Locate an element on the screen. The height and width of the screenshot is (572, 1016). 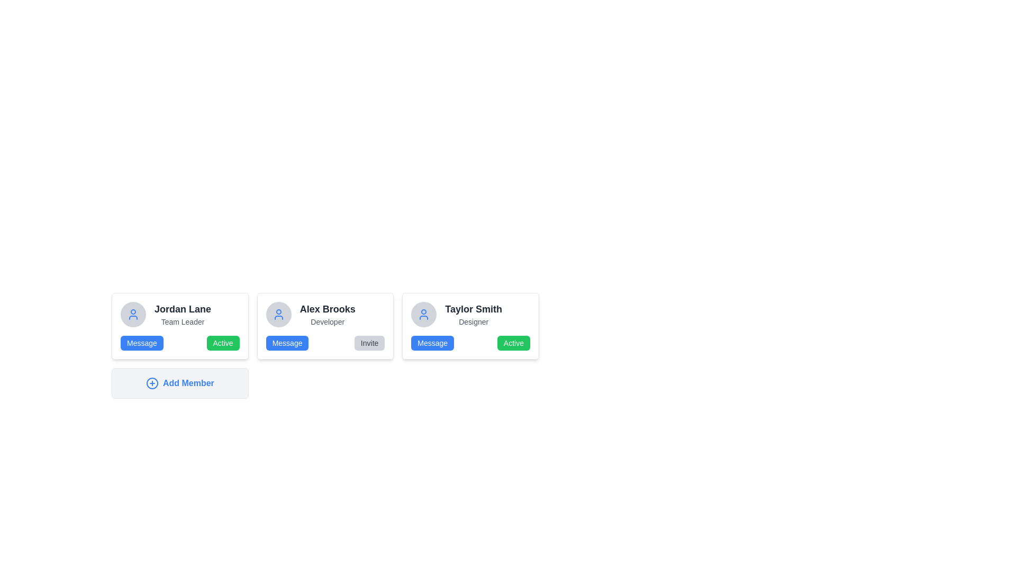
the 'Message' button is located at coordinates (432, 343).